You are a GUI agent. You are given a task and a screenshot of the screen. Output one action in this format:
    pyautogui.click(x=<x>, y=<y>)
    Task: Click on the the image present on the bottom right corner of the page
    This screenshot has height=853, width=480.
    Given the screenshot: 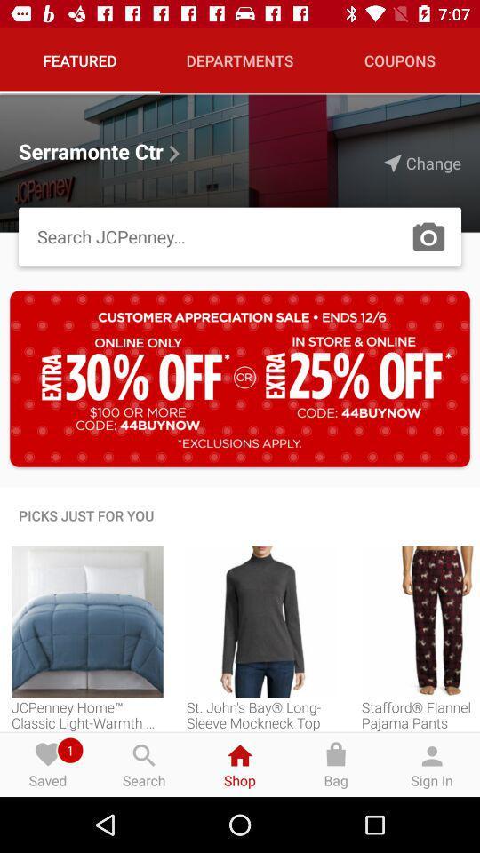 What is the action you would take?
    pyautogui.click(x=420, y=622)
    